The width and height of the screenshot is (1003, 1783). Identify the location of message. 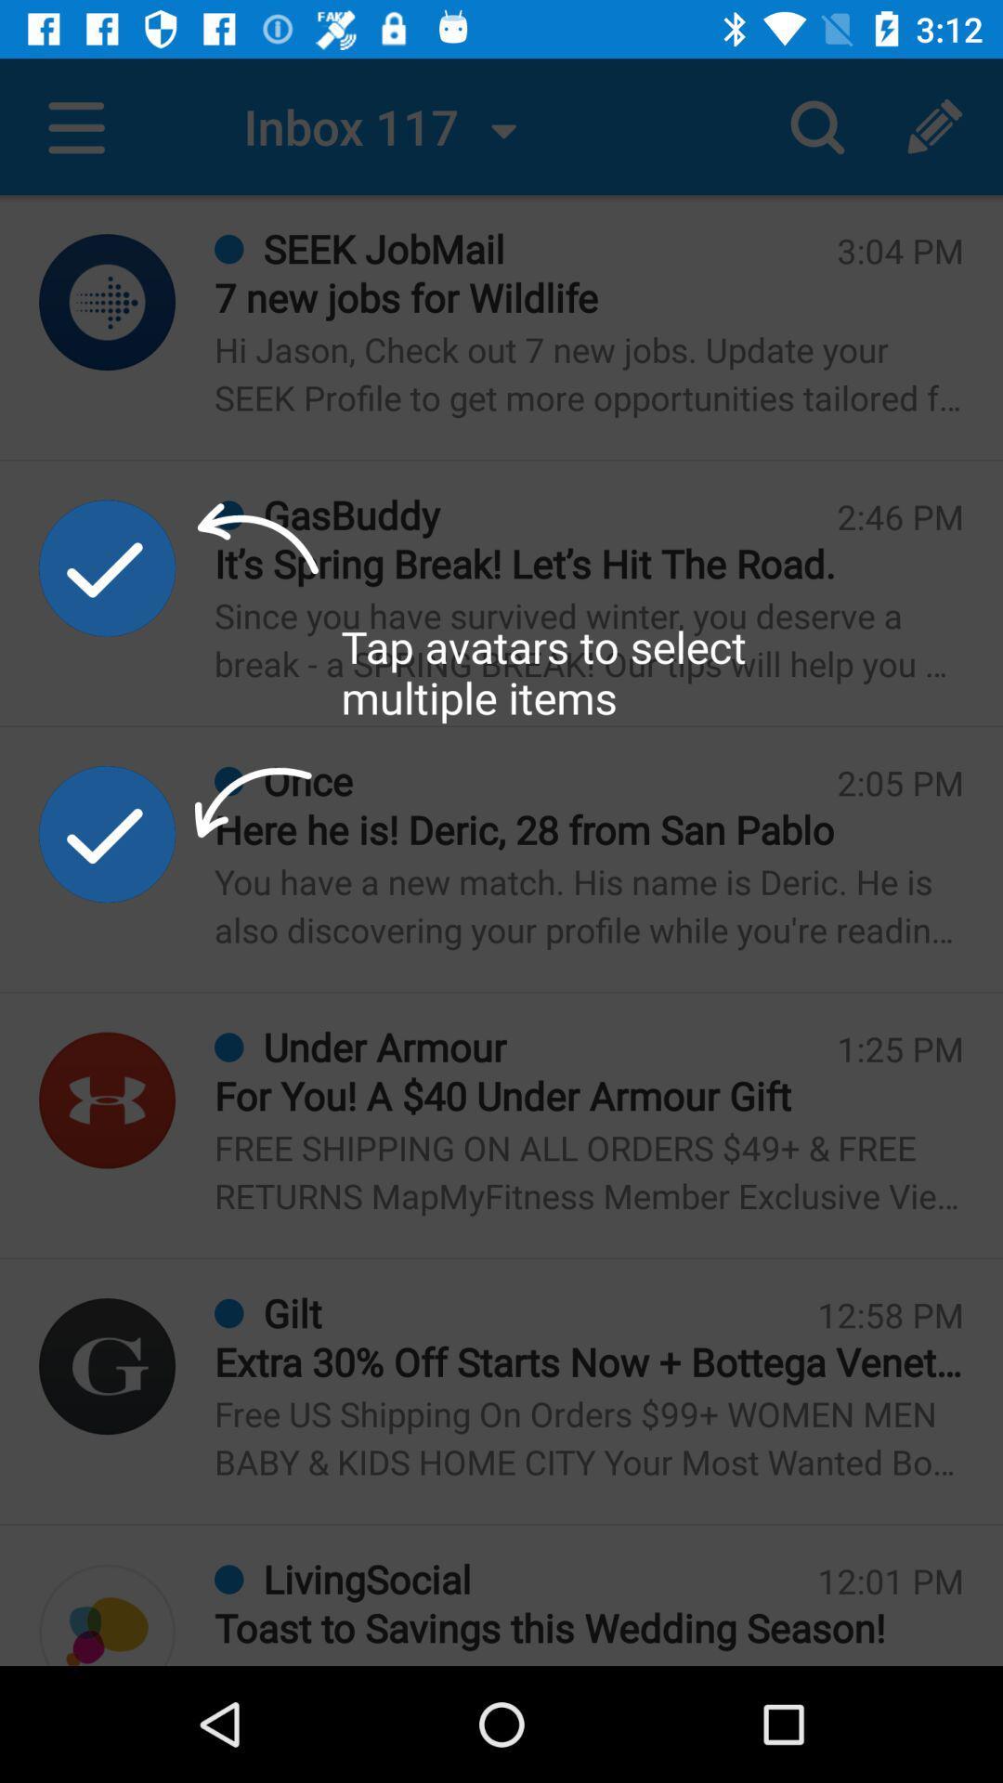
(107, 1100).